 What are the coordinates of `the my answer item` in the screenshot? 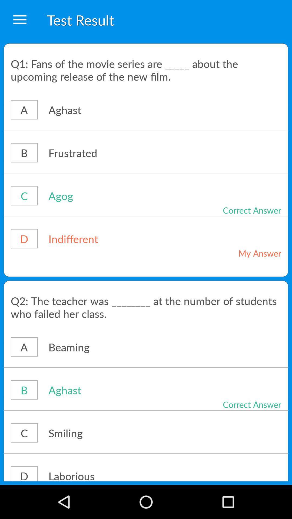 It's located at (240, 253).